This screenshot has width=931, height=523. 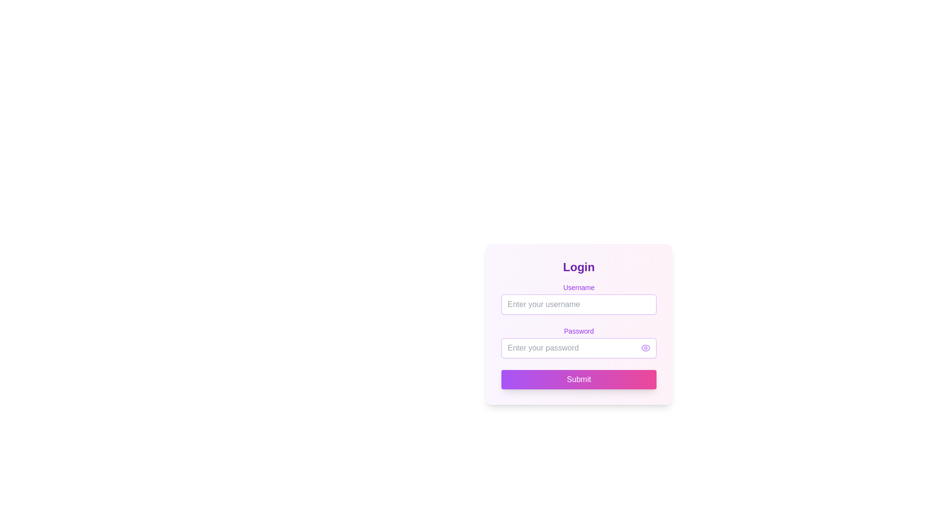 What do you see at coordinates (645, 347) in the screenshot?
I see `the outer elliptical curve of the eye icon used for toggling the visibility of the password input field, positioned on the right side of the password input area` at bounding box center [645, 347].